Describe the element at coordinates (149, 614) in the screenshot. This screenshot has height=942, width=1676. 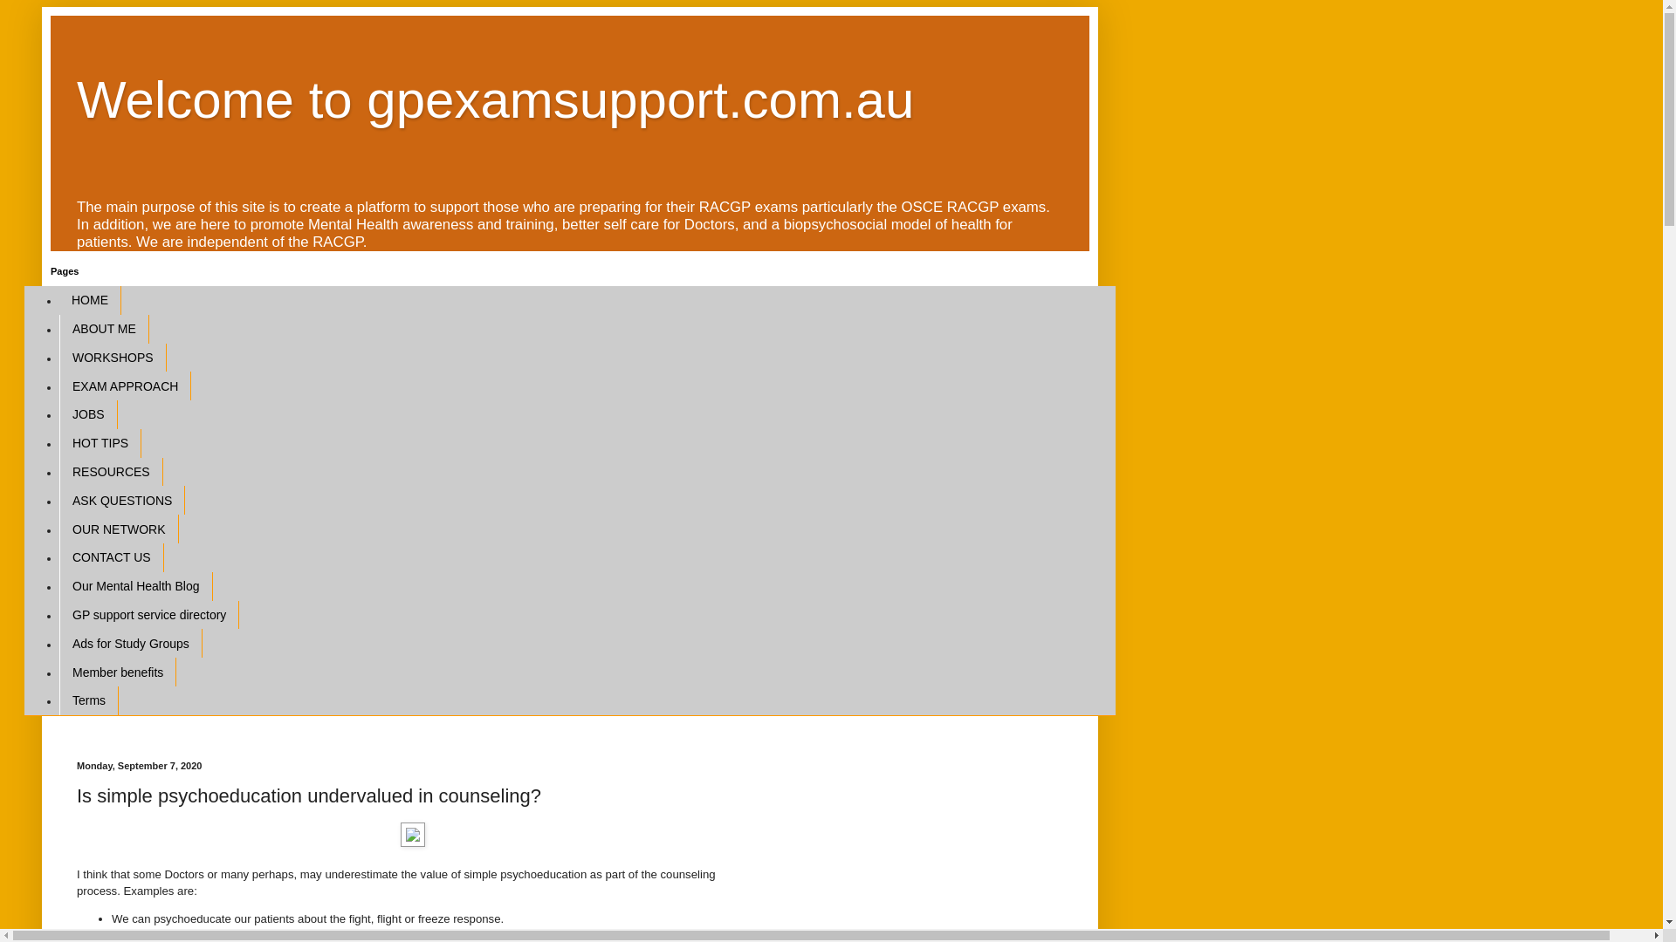
I see `'GP support service directory'` at that location.